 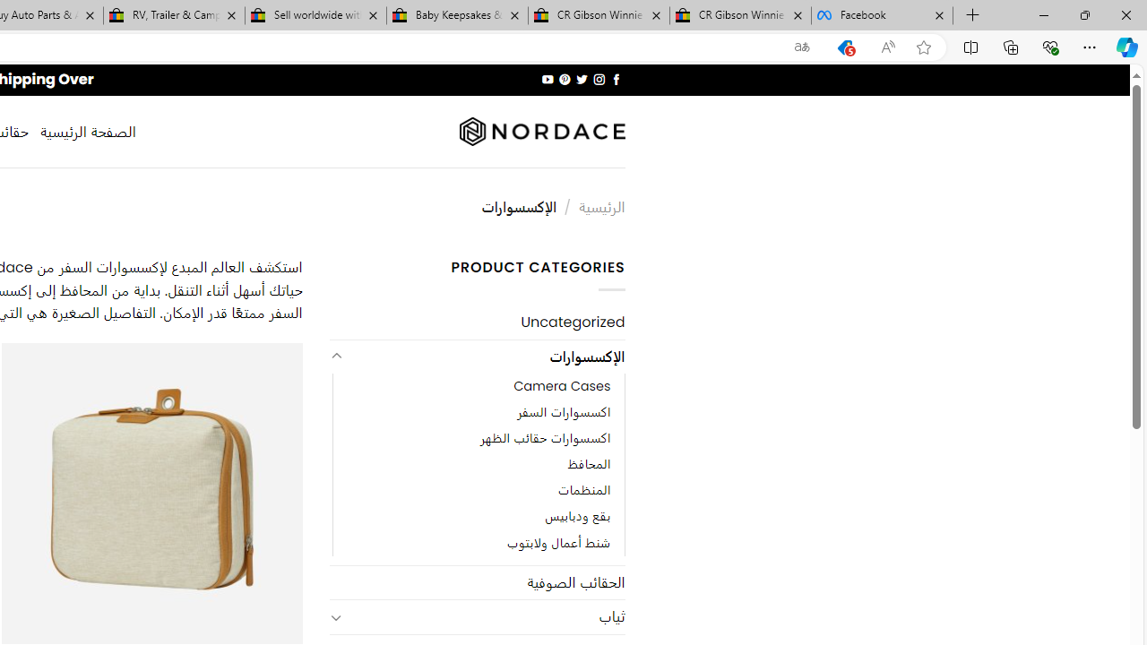 I want to click on 'Follow on YouTube', so click(x=547, y=79).